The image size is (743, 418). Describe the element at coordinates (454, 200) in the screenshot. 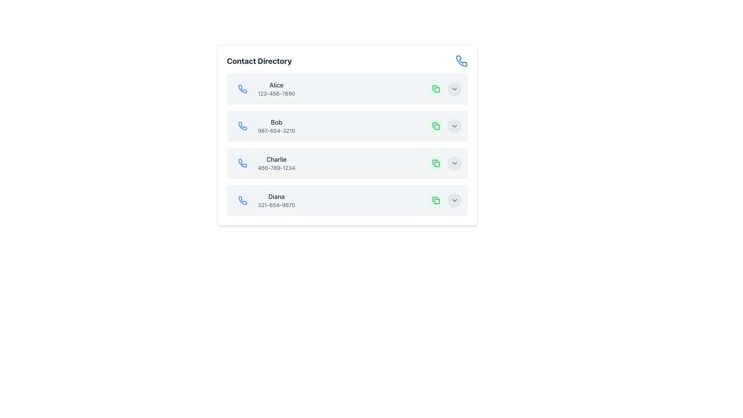

I see `the downward-pointing chevron icon located inside a circular button at the far-right end of the last row in the contact entries list` at that location.